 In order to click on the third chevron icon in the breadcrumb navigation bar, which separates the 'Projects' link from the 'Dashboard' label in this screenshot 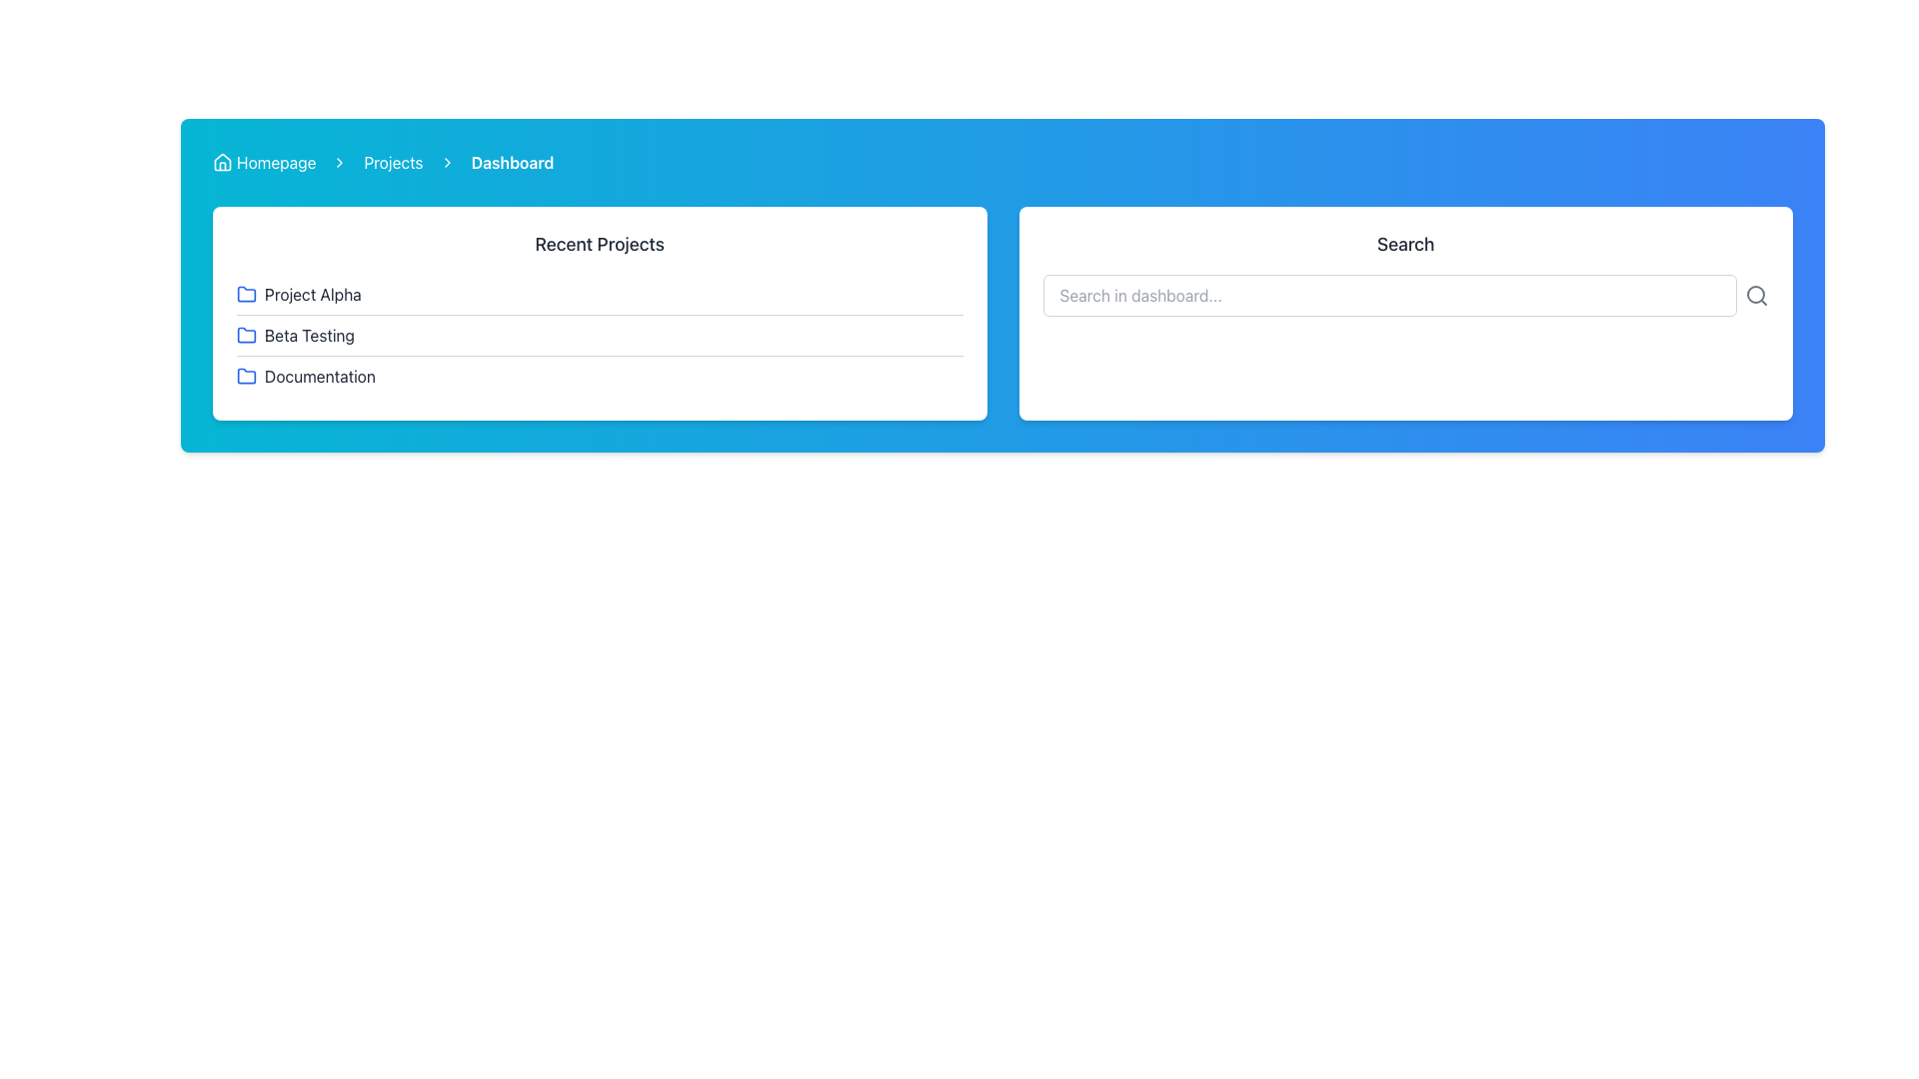, I will do `click(446, 161)`.